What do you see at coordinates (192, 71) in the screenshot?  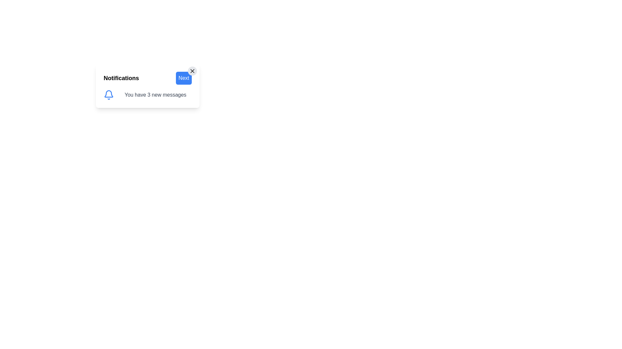 I see `the Close Icon (SVG graphic) located at the top-right corner of the notification component, adjacent to the notification counter` at bounding box center [192, 71].